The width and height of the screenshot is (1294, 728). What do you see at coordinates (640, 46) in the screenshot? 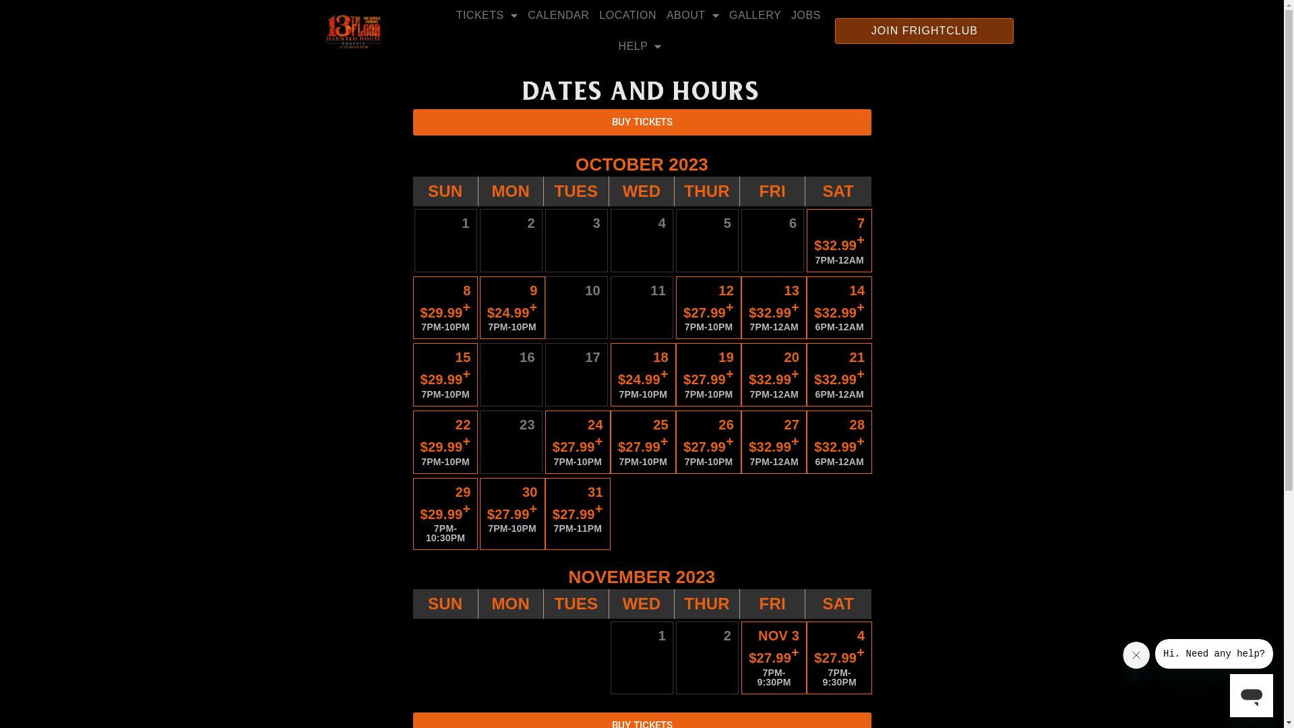
I see `'HELP'` at bounding box center [640, 46].